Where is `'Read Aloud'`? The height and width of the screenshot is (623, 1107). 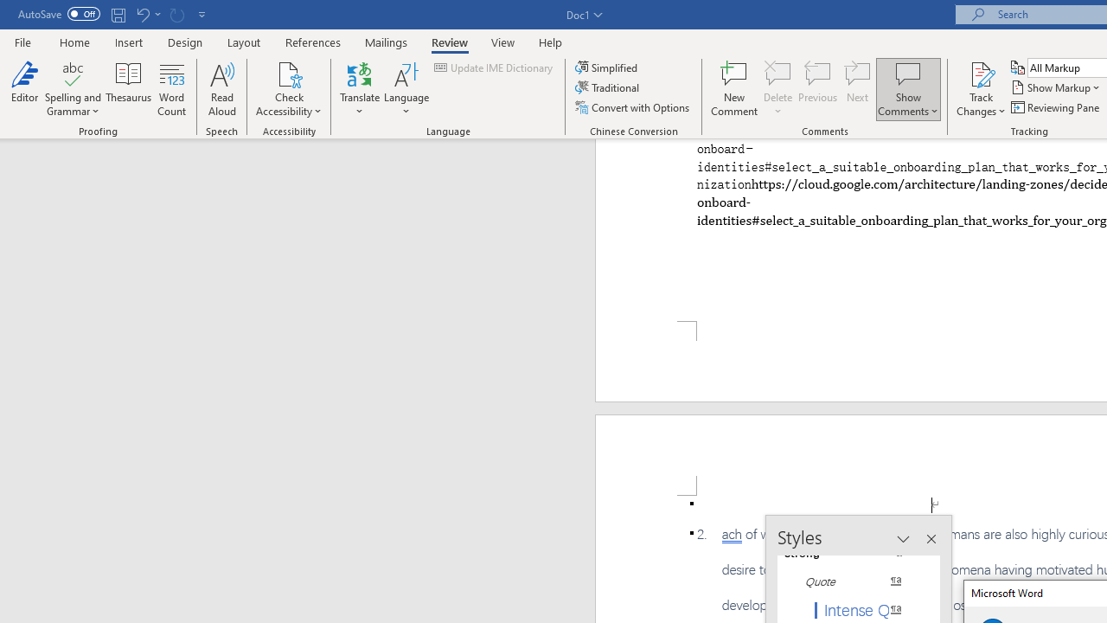 'Read Aloud' is located at coordinates (221, 89).